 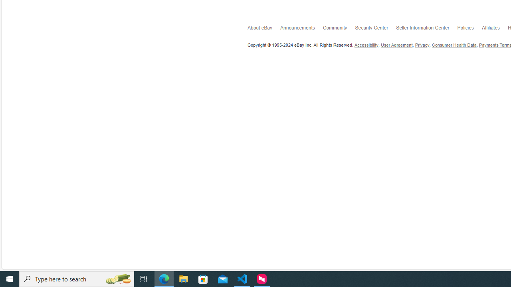 What do you see at coordinates (301, 29) in the screenshot?
I see `'Announcements'` at bounding box center [301, 29].